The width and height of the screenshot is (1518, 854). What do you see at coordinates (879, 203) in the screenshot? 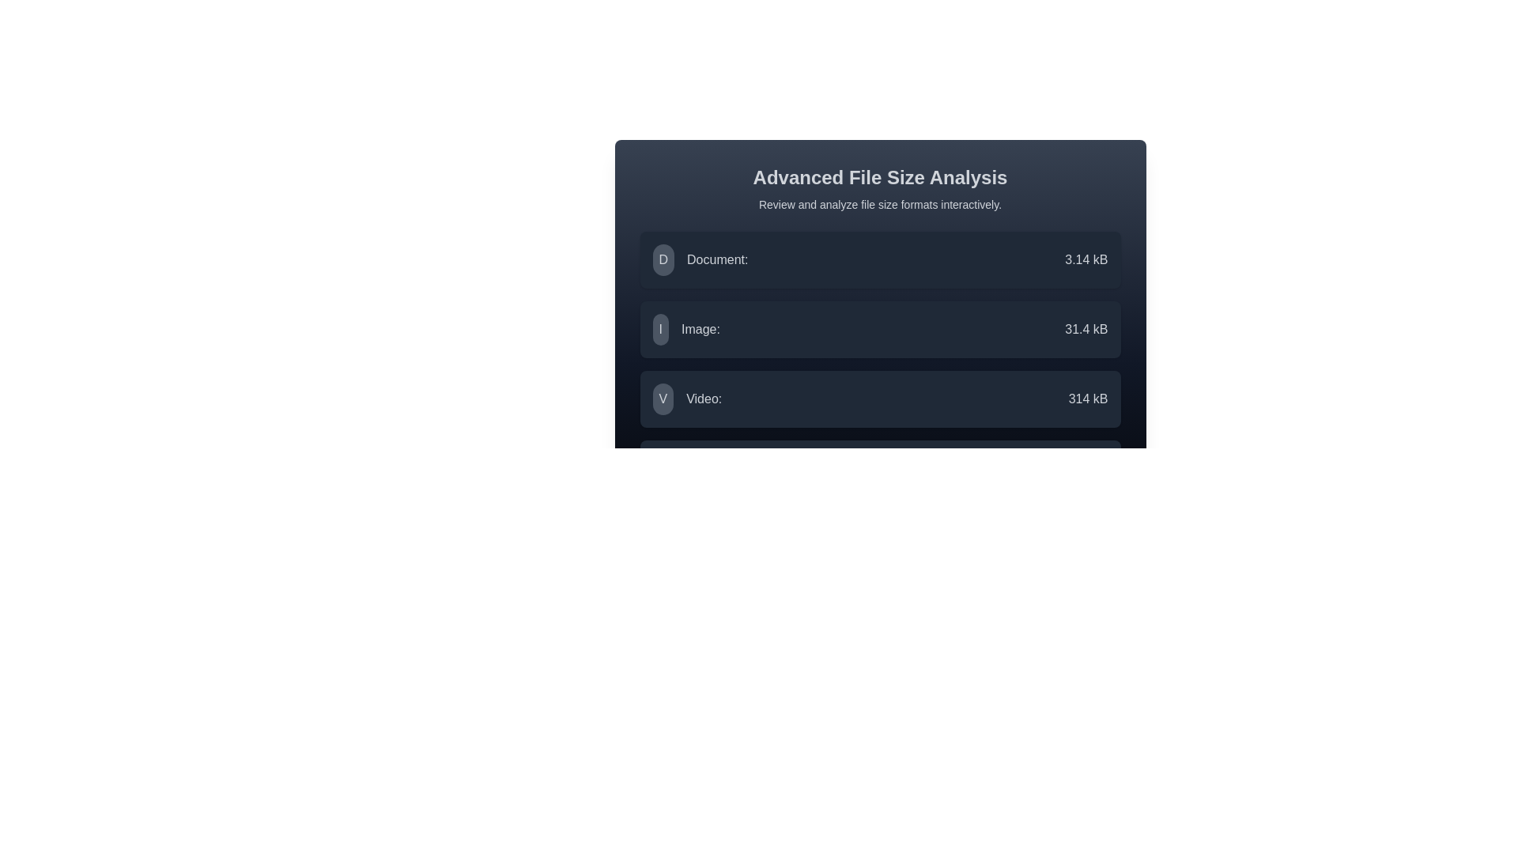
I see `the static text element that provides guidance on the section, located directly below the title 'Advanced File Size Analysis.'` at bounding box center [879, 203].